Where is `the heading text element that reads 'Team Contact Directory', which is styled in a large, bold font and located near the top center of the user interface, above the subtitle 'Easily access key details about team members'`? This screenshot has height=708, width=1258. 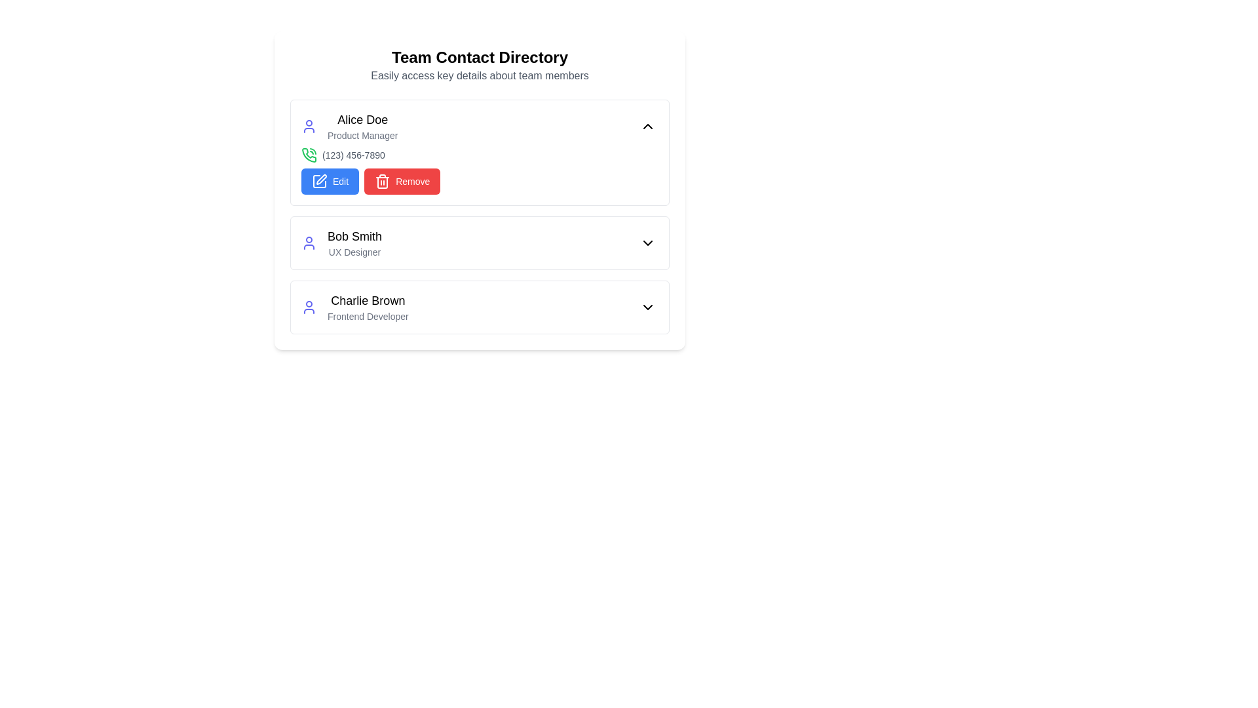
the heading text element that reads 'Team Contact Directory', which is styled in a large, bold font and located near the top center of the user interface, above the subtitle 'Easily access key details about team members' is located at coordinates (479, 57).